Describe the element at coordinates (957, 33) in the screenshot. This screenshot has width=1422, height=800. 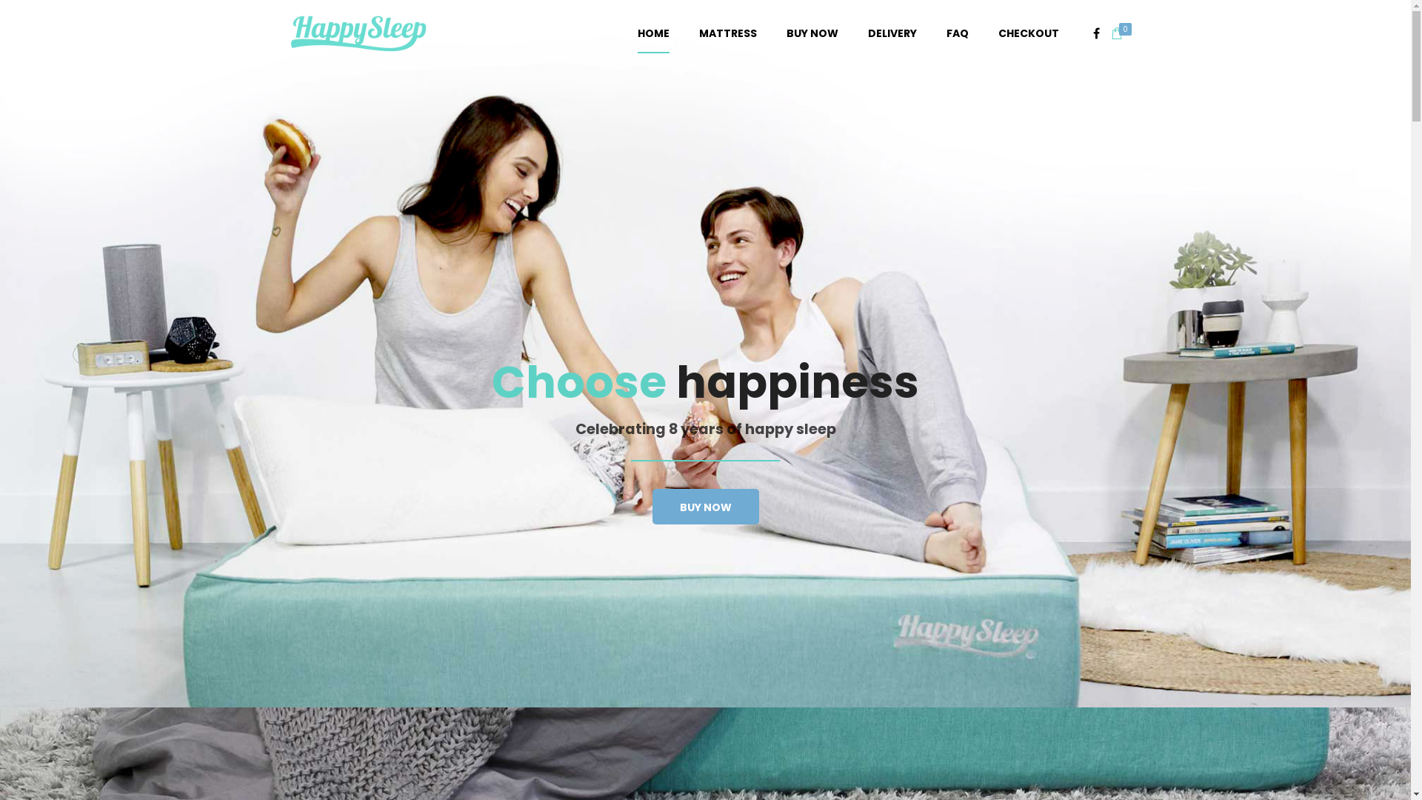
I see `'FAQ'` at that location.